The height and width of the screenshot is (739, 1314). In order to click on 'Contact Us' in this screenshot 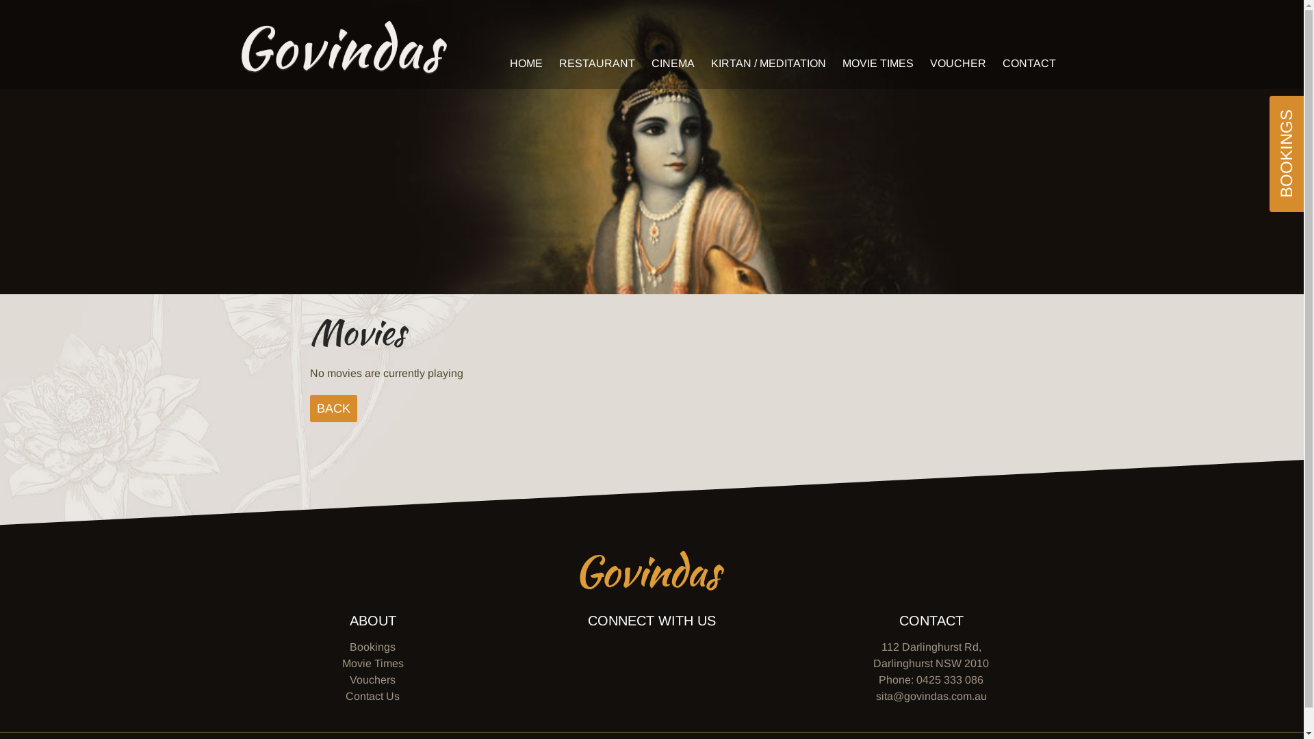, I will do `click(372, 696)`.